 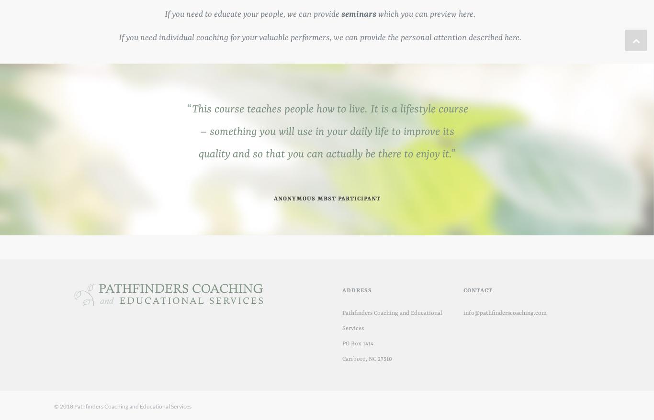 I want to click on 'PO Box 1414', so click(x=358, y=343).